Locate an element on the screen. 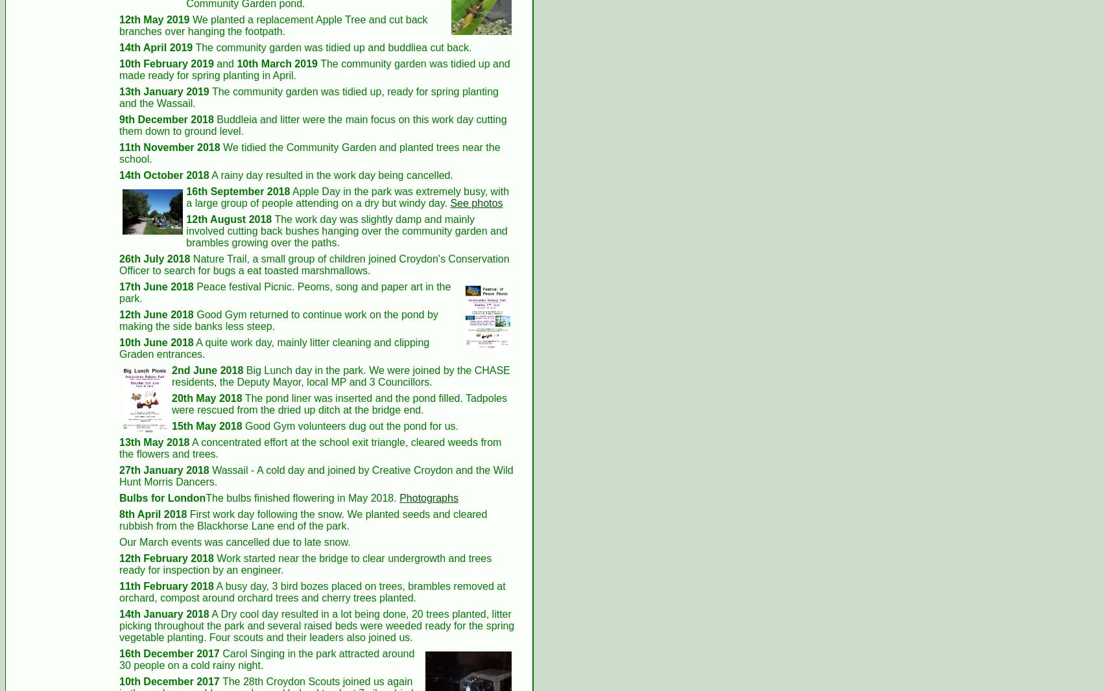 The image size is (1105, 691). 'A busy day, 3 bird bozes placed on trees, brambles removed at orchard, compost around orchard trees and cherry trees planted.' is located at coordinates (312, 591).